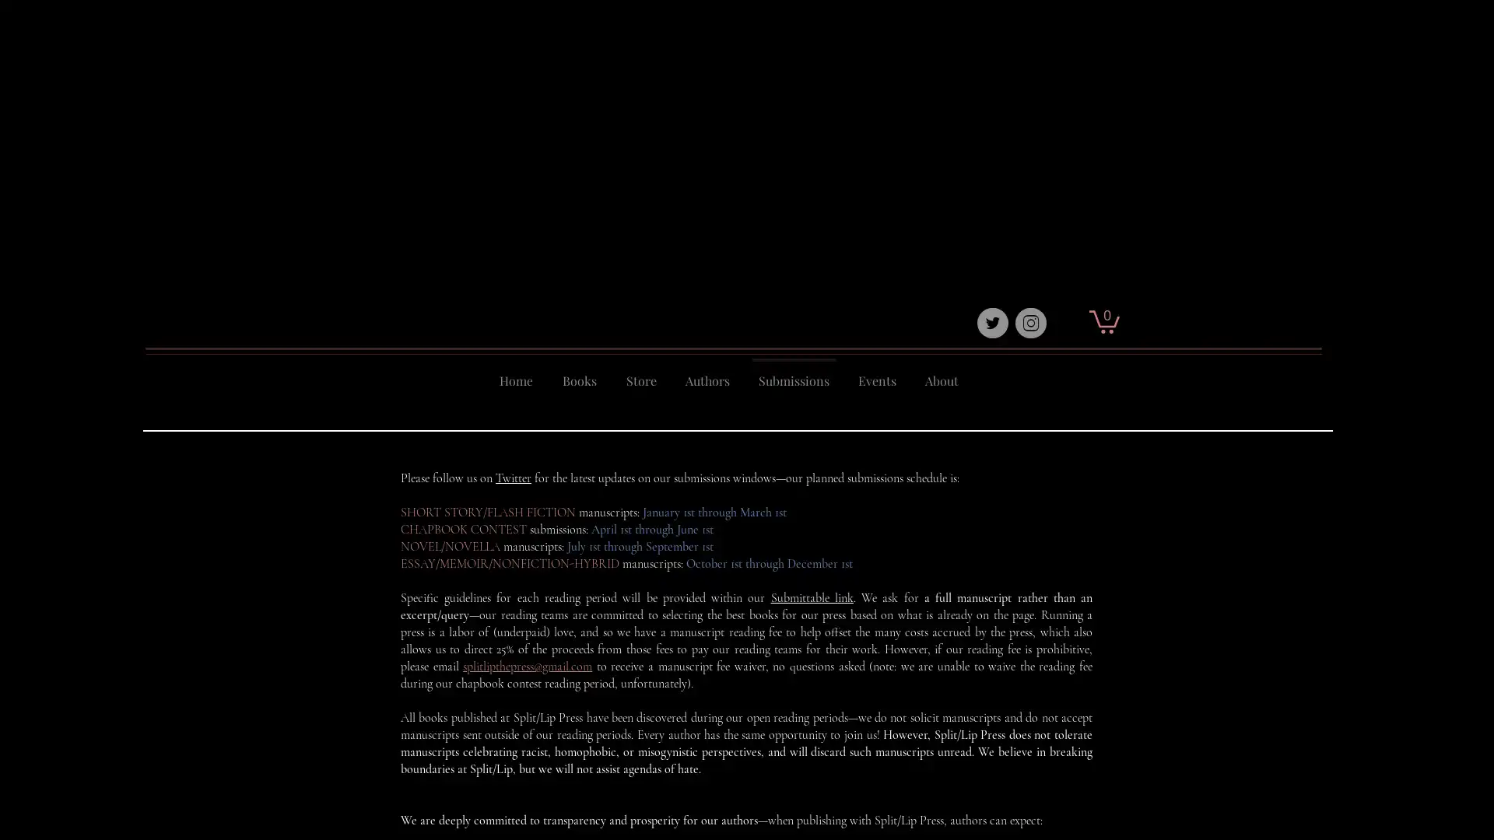  What do you see at coordinates (1103, 320) in the screenshot?
I see `Cart with 0 items` at bounding box center [1103, 320].